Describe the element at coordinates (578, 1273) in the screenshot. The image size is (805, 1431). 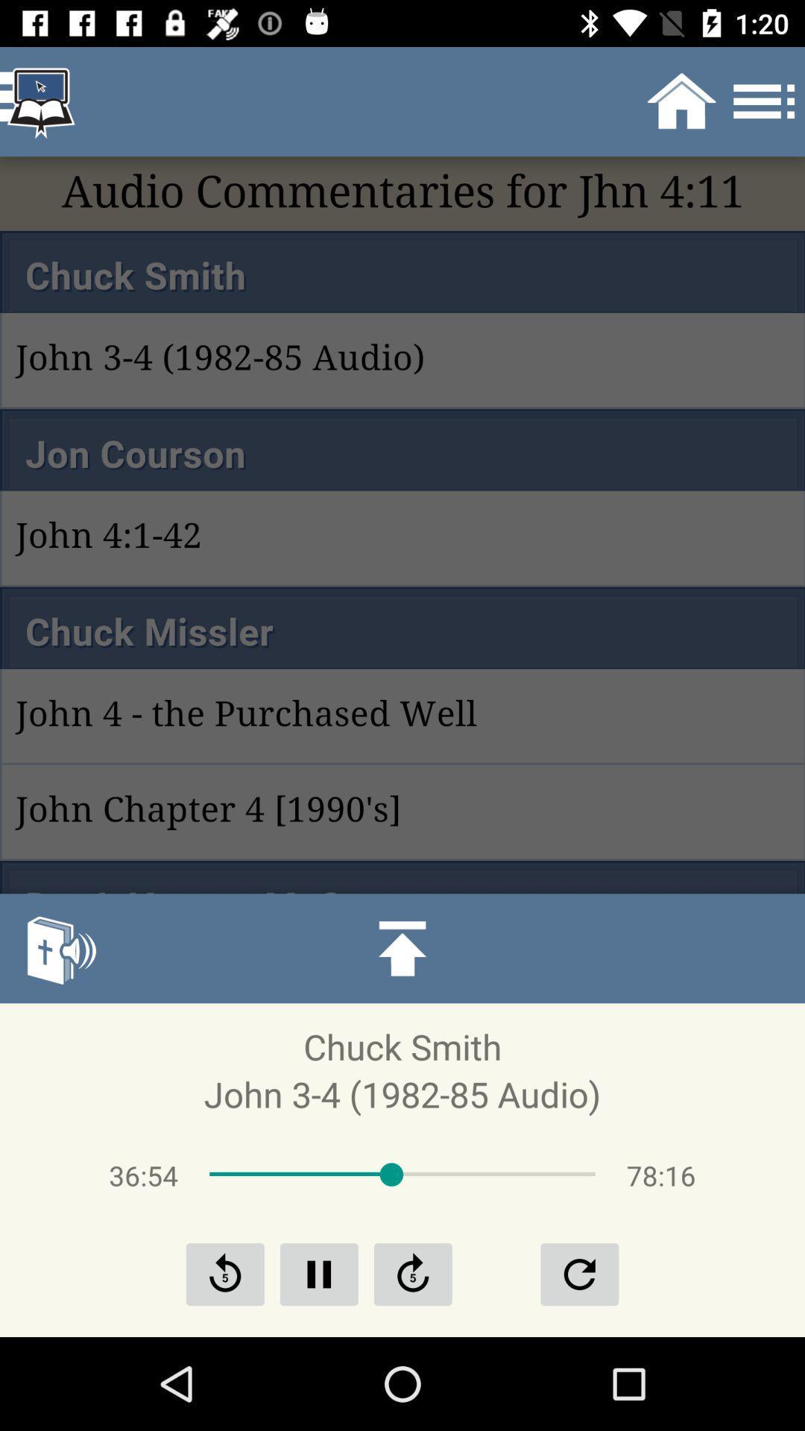
I see `undo button` at that location.